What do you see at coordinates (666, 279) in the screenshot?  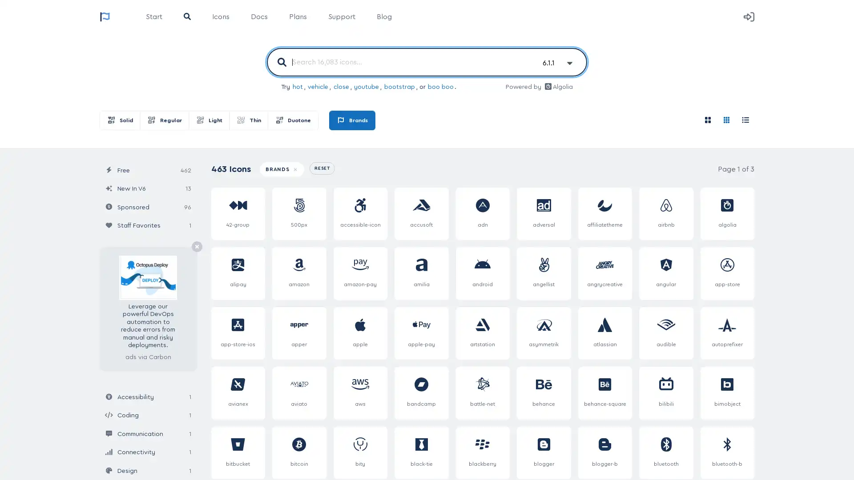 I see `angular` at bounding box center [666, 279].